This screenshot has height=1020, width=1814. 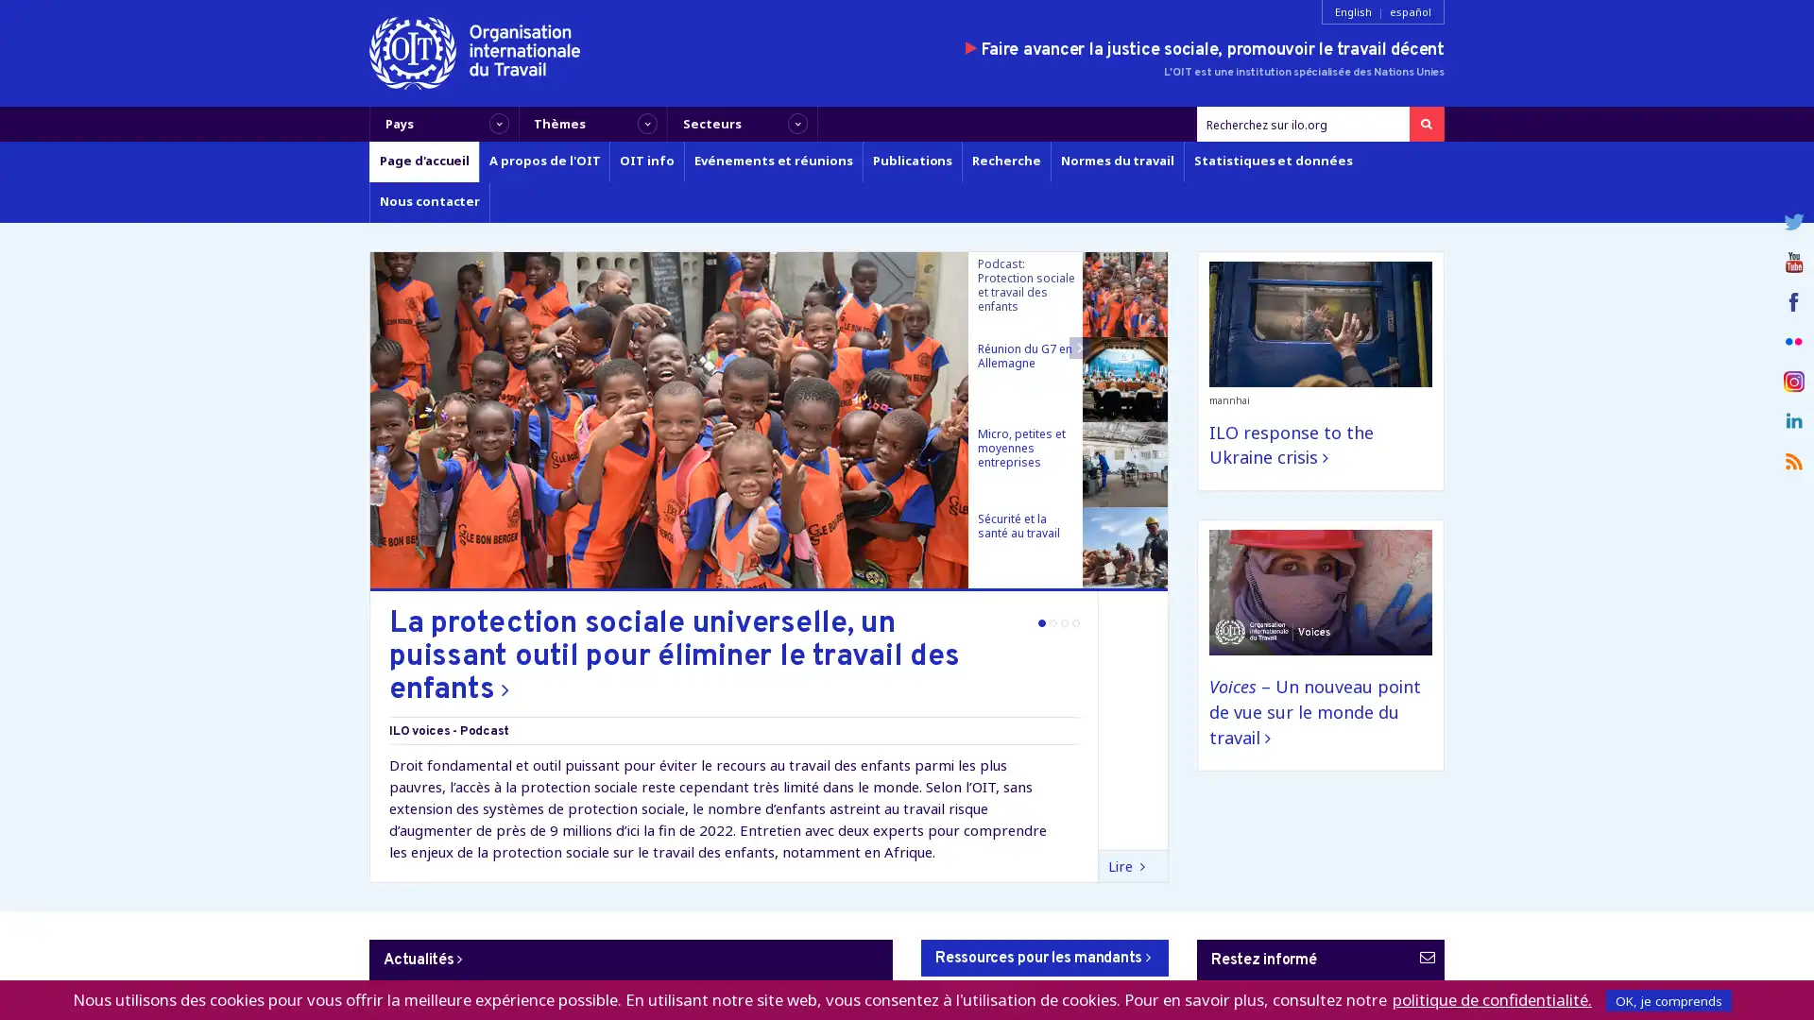 What do you see at coordinates (1426, 124) in the screenshot?
I see `Recherchez:` at bounding box center [1426, 124].